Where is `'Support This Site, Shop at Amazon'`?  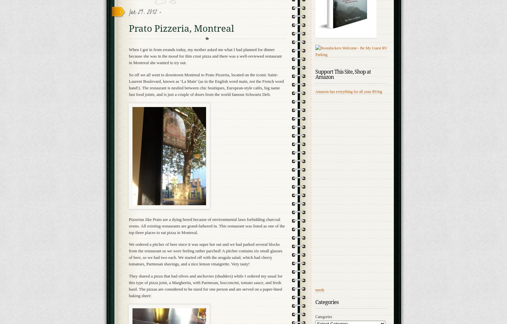 'Support This Site, Shop at Amazon' is located at coordinates (315, 74).